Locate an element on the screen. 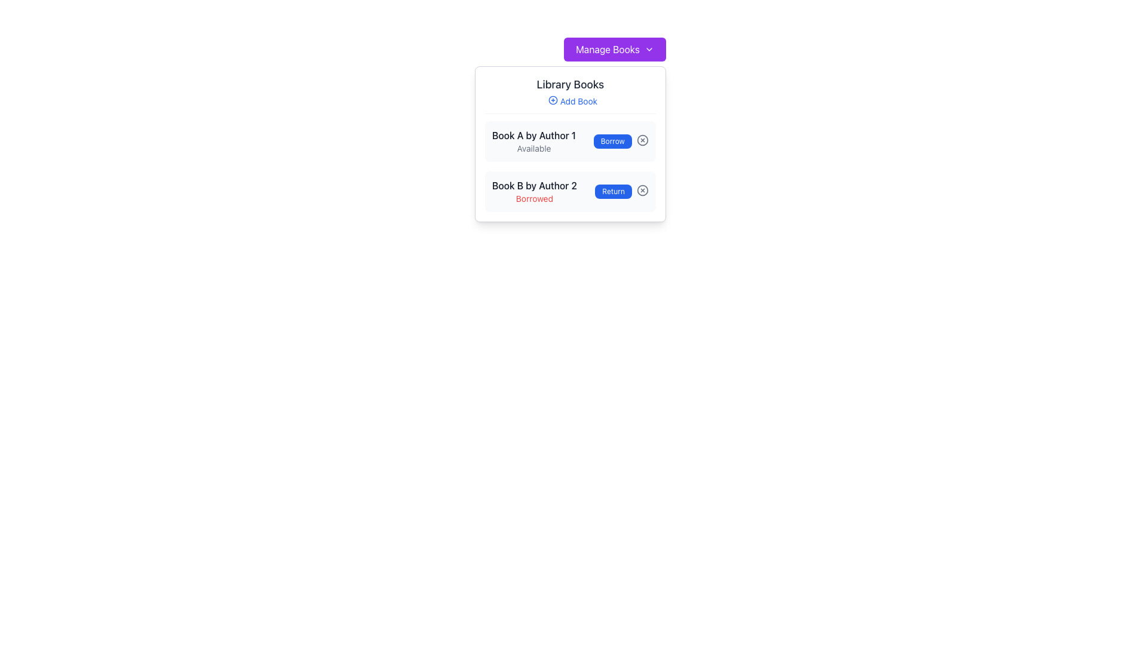 The image size is (1147, 645). the Close or Cancel icon located to the right of the 'Return' button in the 'Book B by Author 2' section is located at coordinates (642, 190).